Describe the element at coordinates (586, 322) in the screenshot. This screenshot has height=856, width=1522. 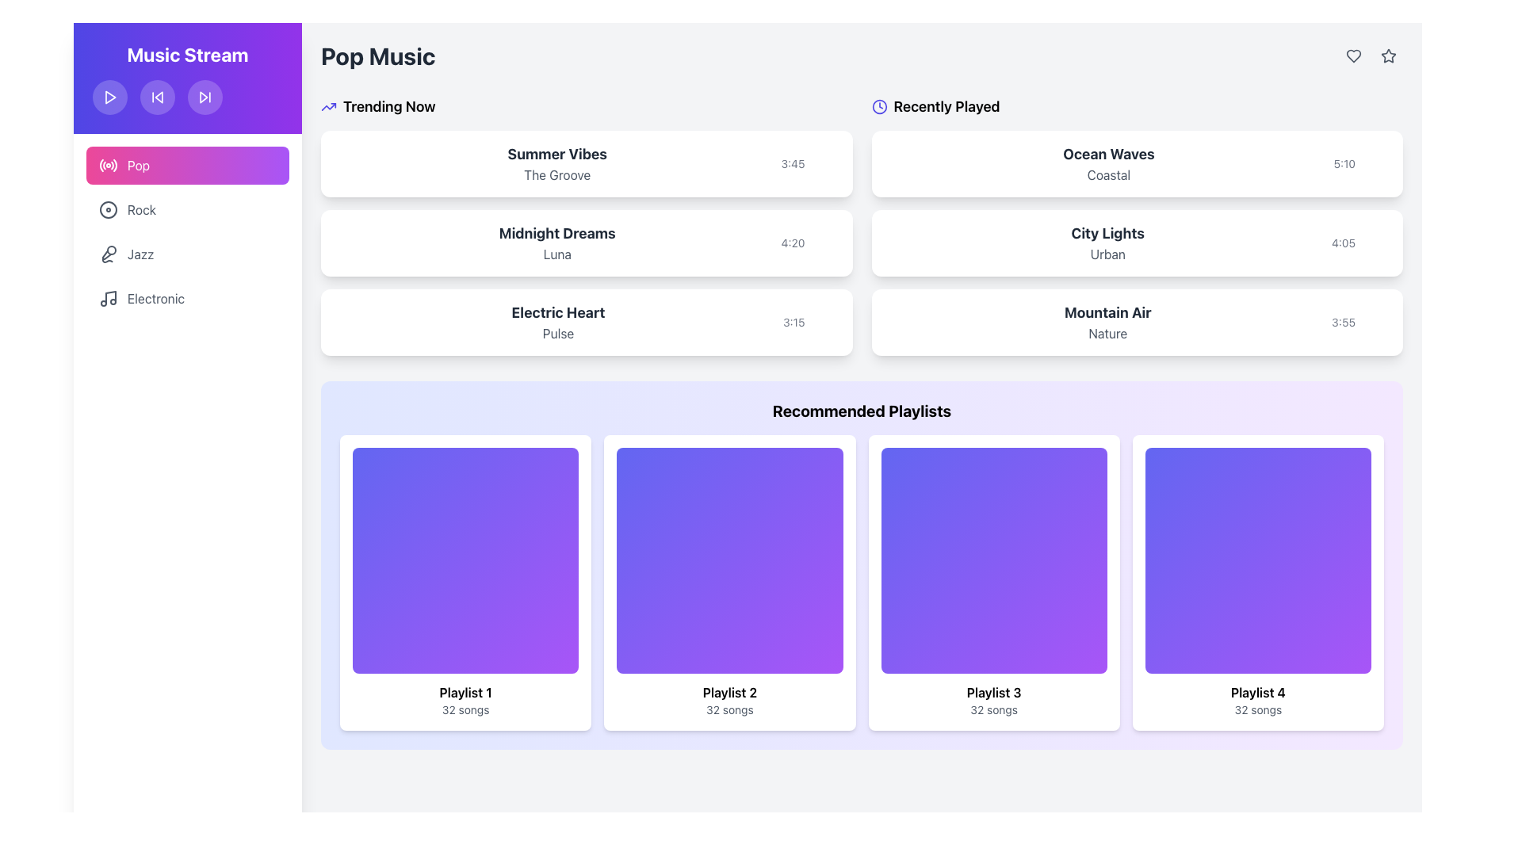
I see `the third list item under the 'Trending Now' section, which displays the title 'Electric Heart' and the duration time of 3:15` at that location.